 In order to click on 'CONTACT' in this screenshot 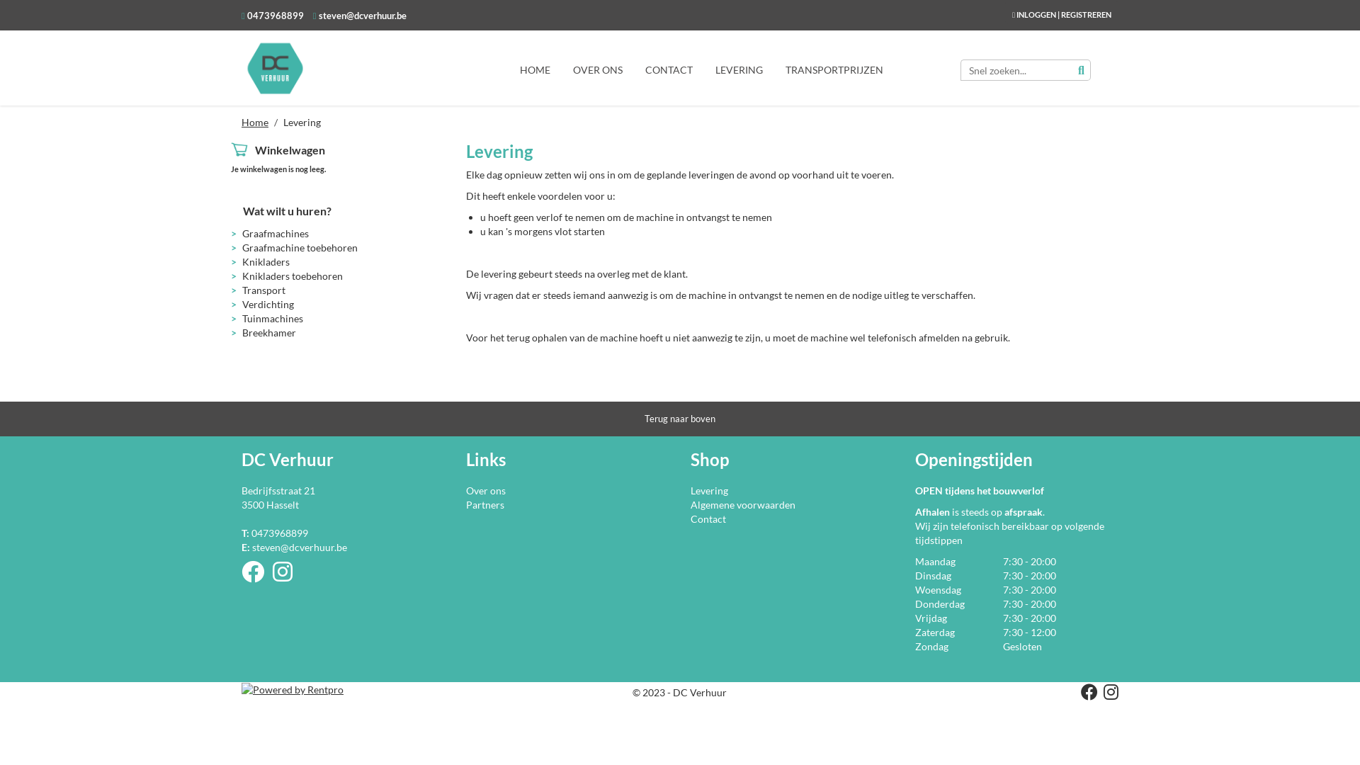, I will do `click(668, 69)`.